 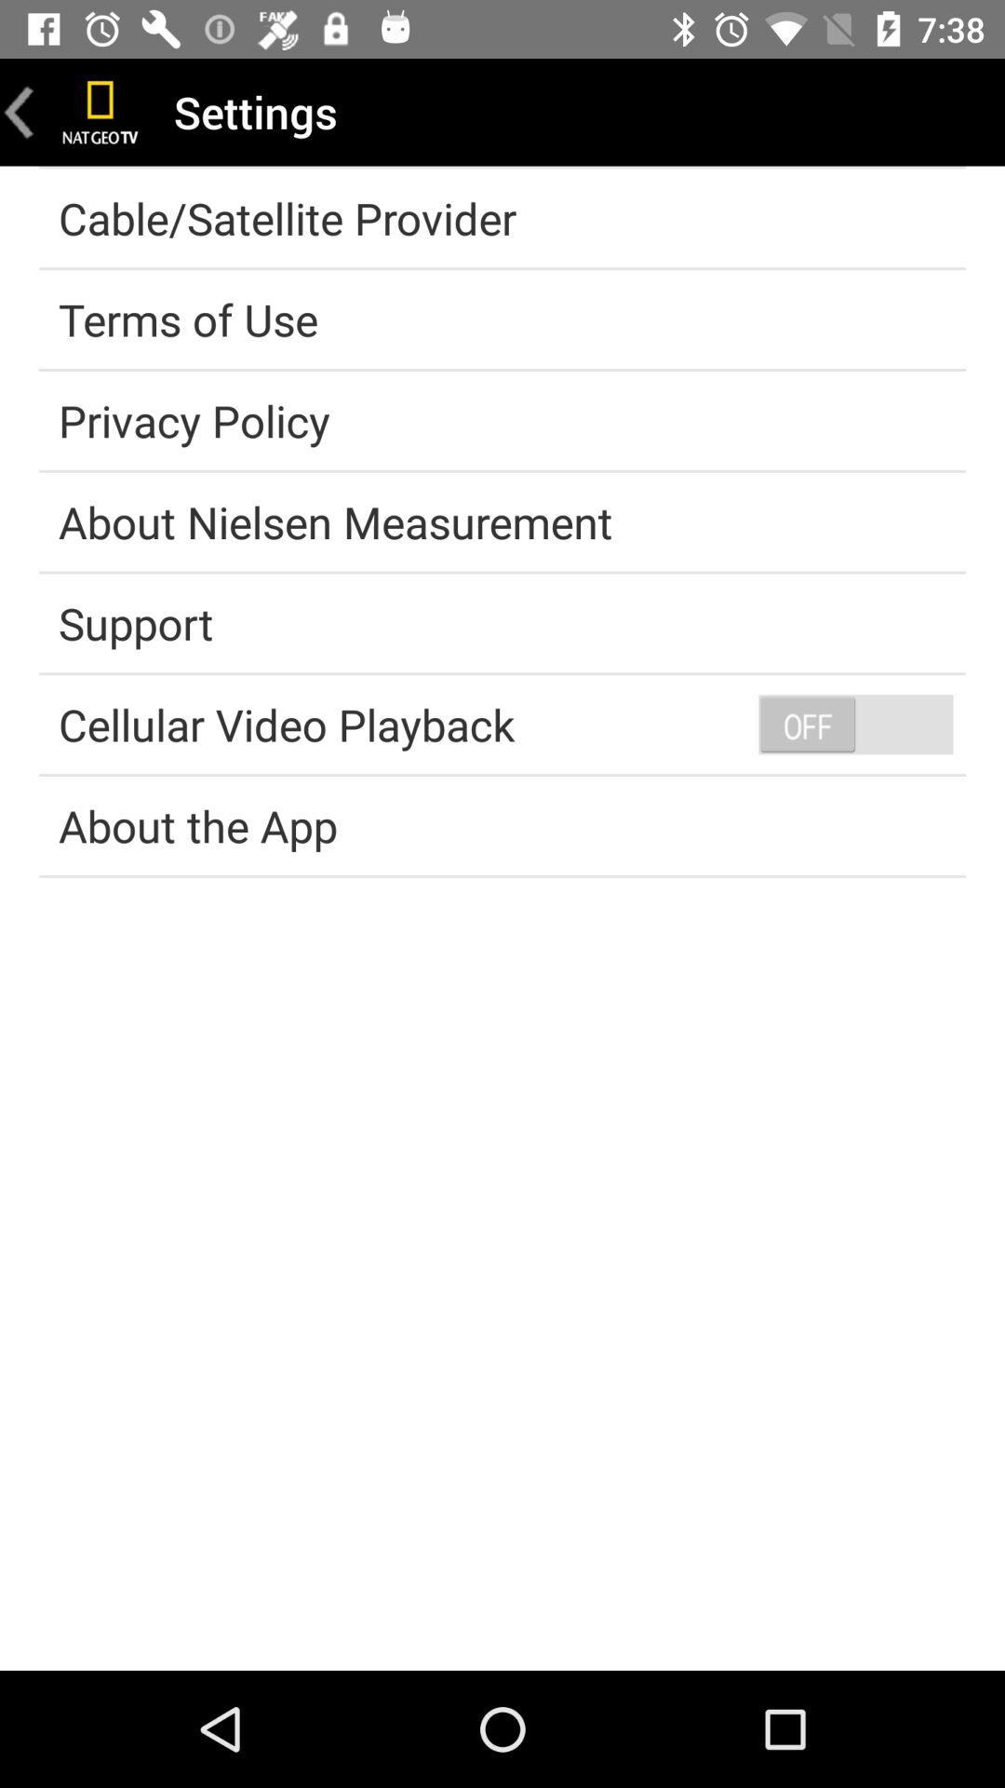 What do you see at coordinates (100, 111) in the screenshot?
I see `go home` at bounding box center [100, 111].